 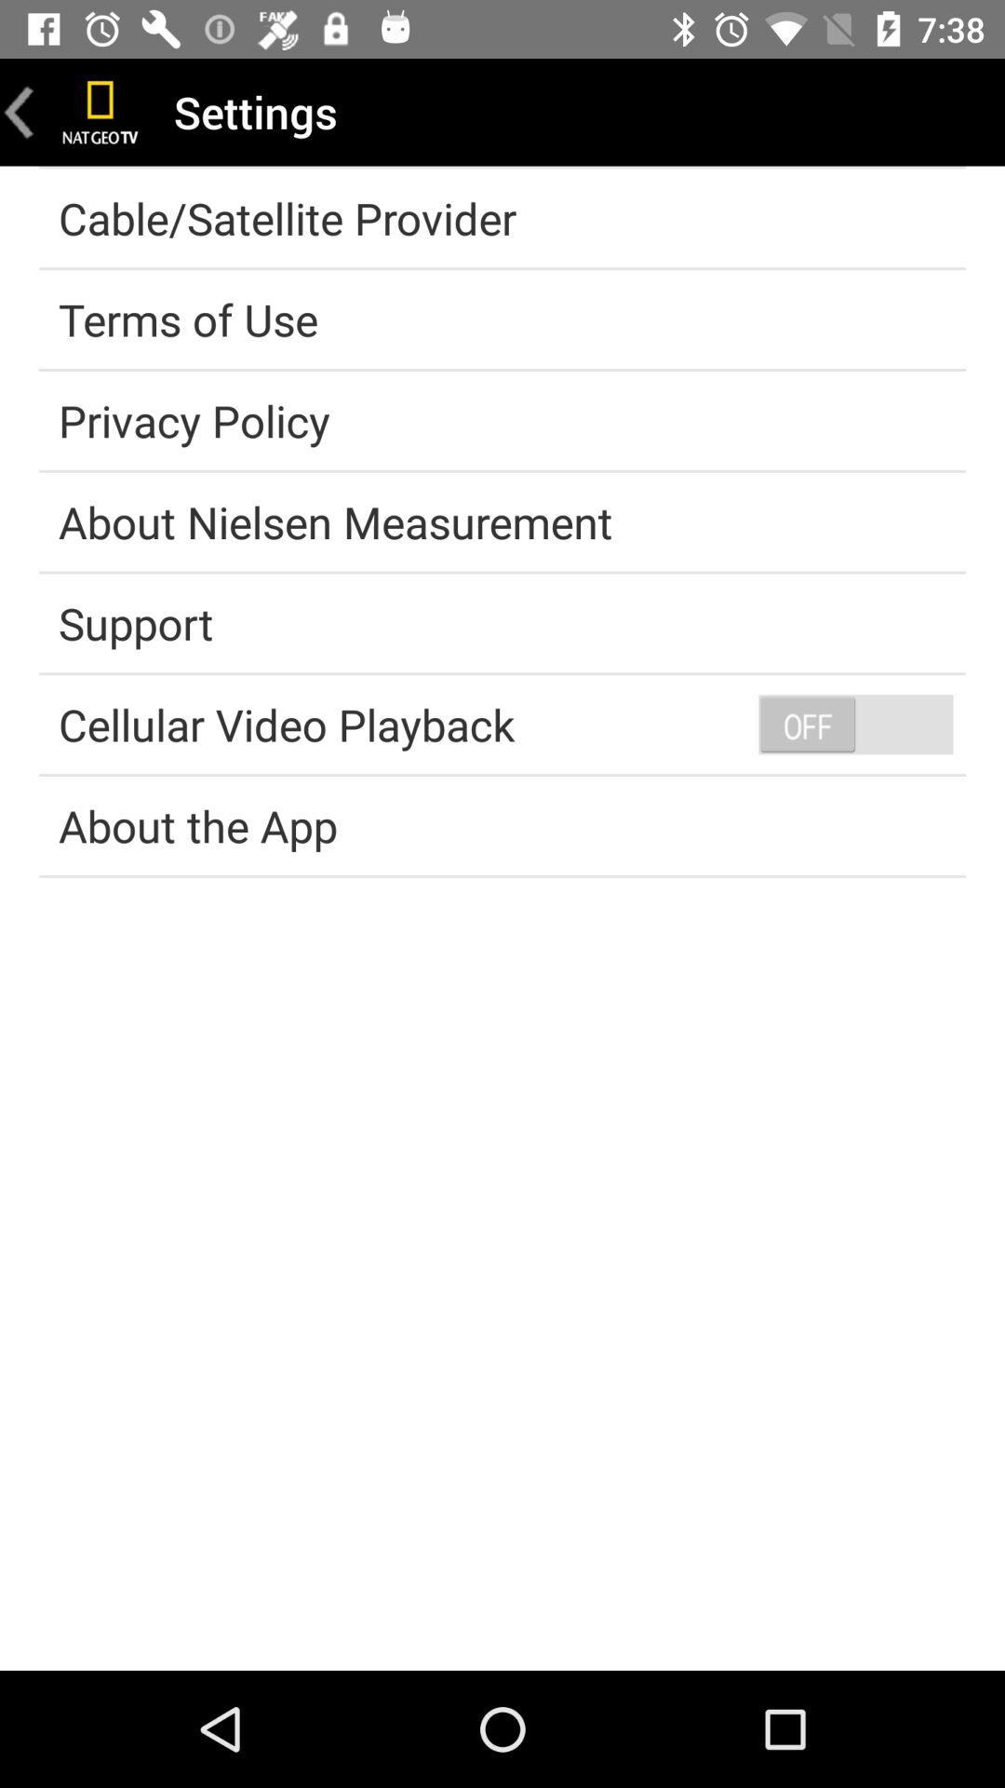 What do you see at coordinates (100, 111) in the screenshot?
I see `go home` at bounding box center [100, 111].